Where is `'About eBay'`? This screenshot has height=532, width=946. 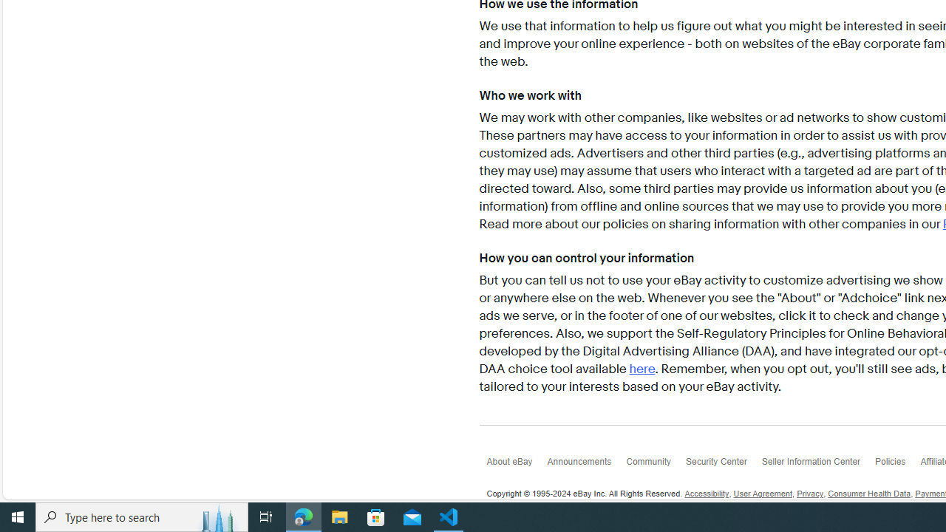
'About eBay' is located at coordinates (517, 465).